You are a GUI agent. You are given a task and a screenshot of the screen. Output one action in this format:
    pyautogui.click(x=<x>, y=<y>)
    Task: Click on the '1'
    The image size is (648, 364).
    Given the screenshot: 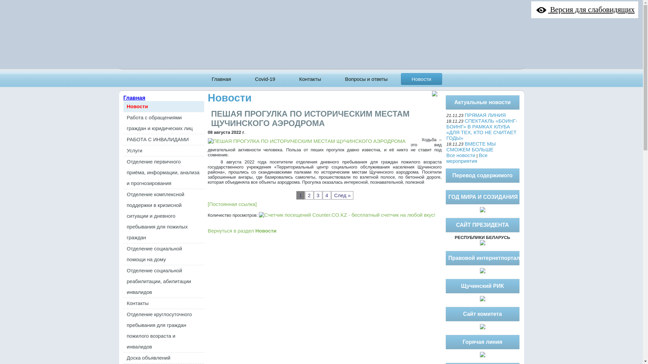 What is the action you would take?
    pyautogui.click(x=296, y=195)
    